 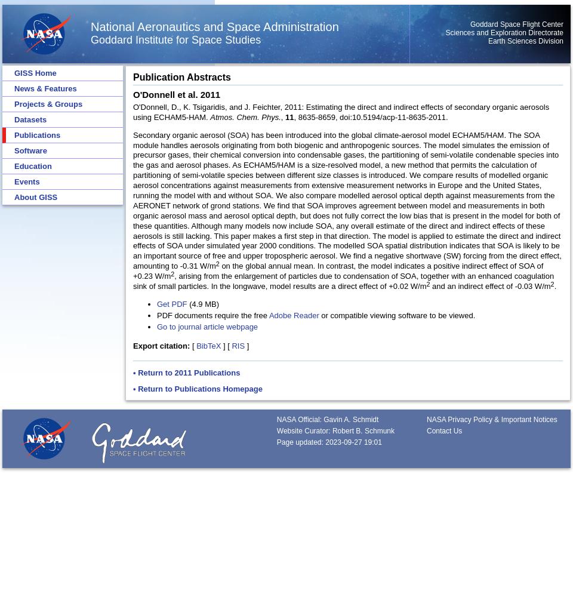 I want to click on 'or compatible viewing software to be viewed.', so click(x=396, y=315).